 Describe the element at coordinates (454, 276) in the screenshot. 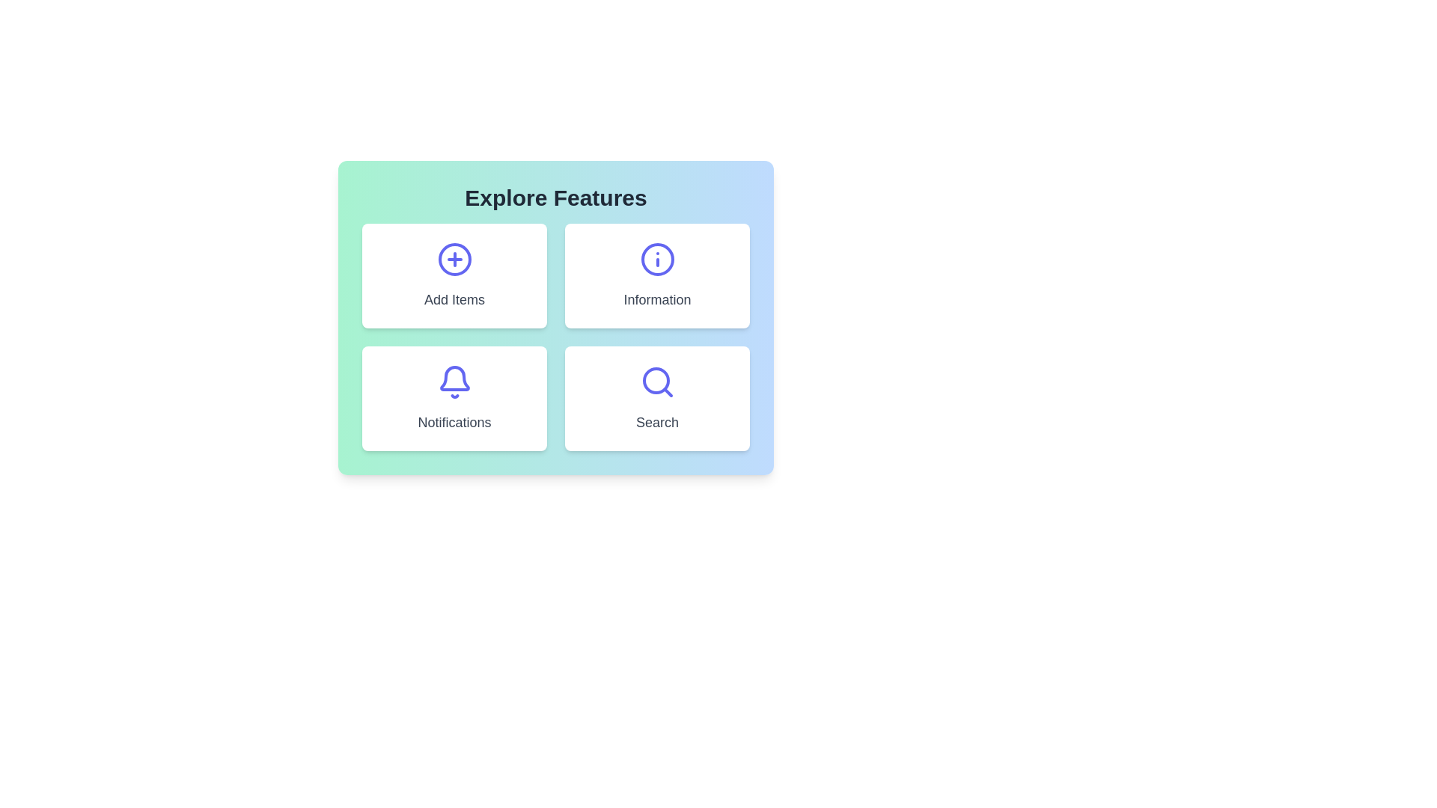

I see `the first Button-like card in the upper-left section of the 2x2 grid layout` at that location.